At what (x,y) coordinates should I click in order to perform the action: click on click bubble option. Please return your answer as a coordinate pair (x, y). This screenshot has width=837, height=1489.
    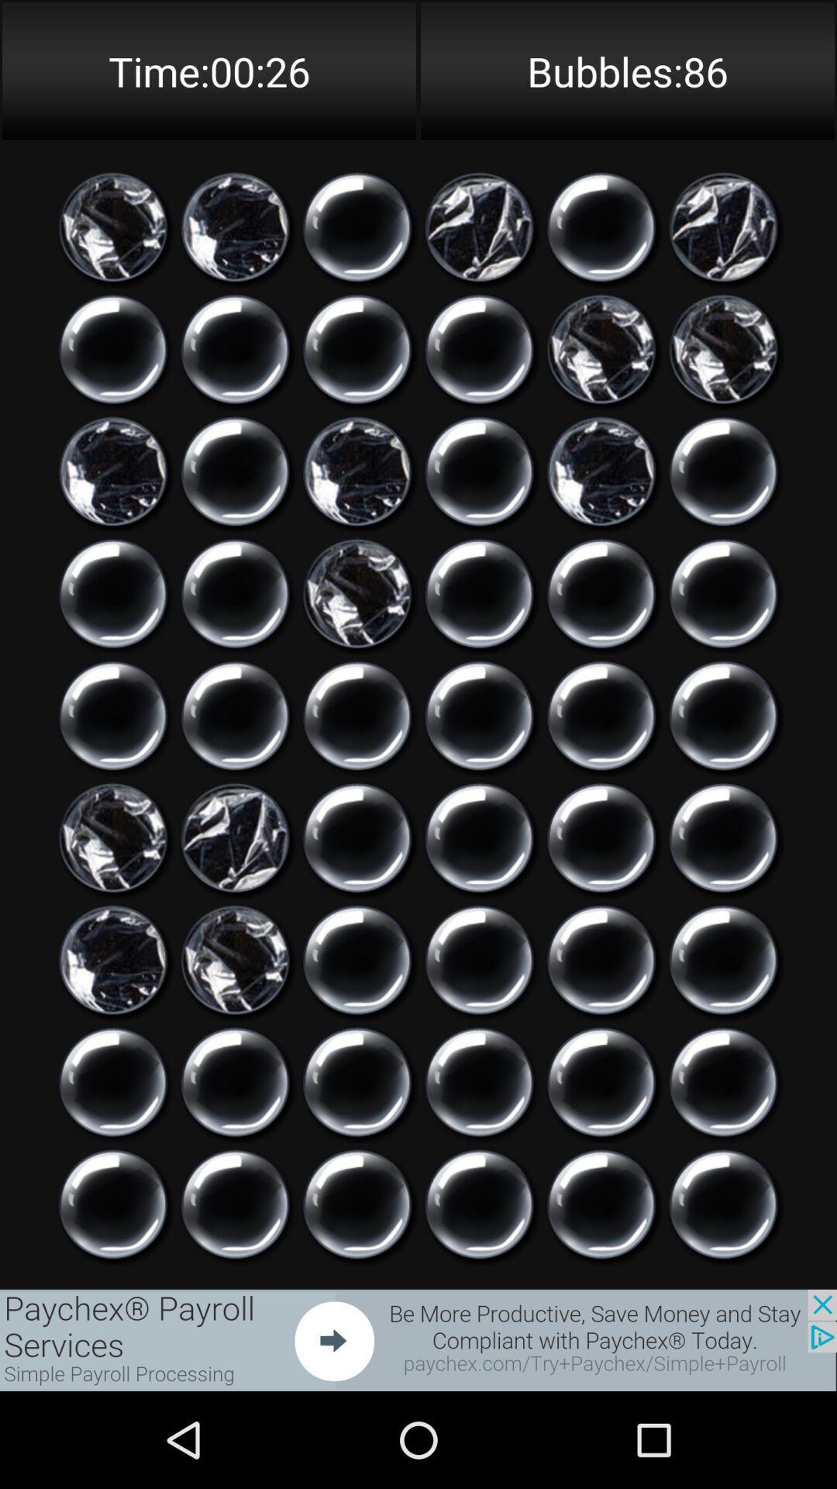
    Looking at the image, I should click on (478, 471).